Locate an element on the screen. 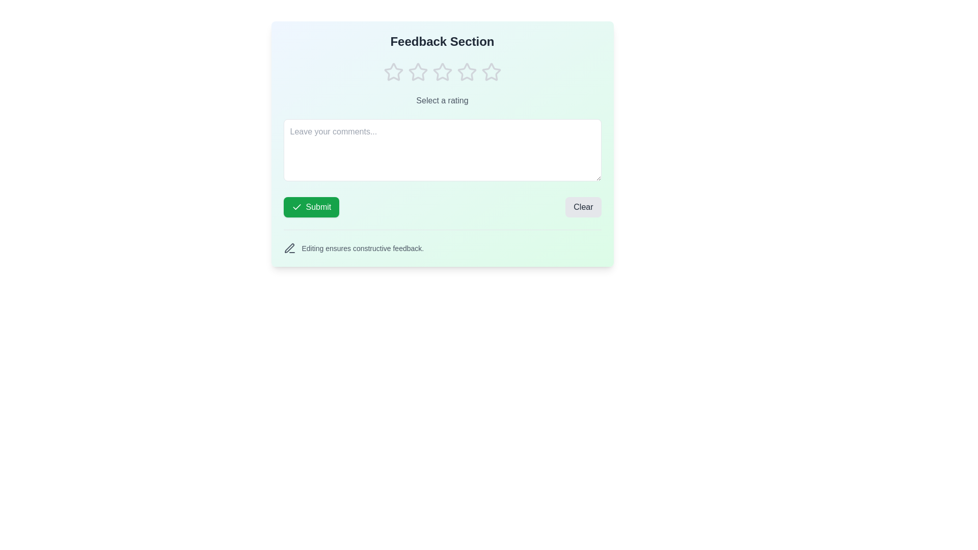 Image resolution: width=978 pixels, height=550 pixels. the Checkmark icon located inside the 'Submit' button at the bottom-left of the feedback section, which indicates confirmation of a successful action is located at coordinates (296, 207).